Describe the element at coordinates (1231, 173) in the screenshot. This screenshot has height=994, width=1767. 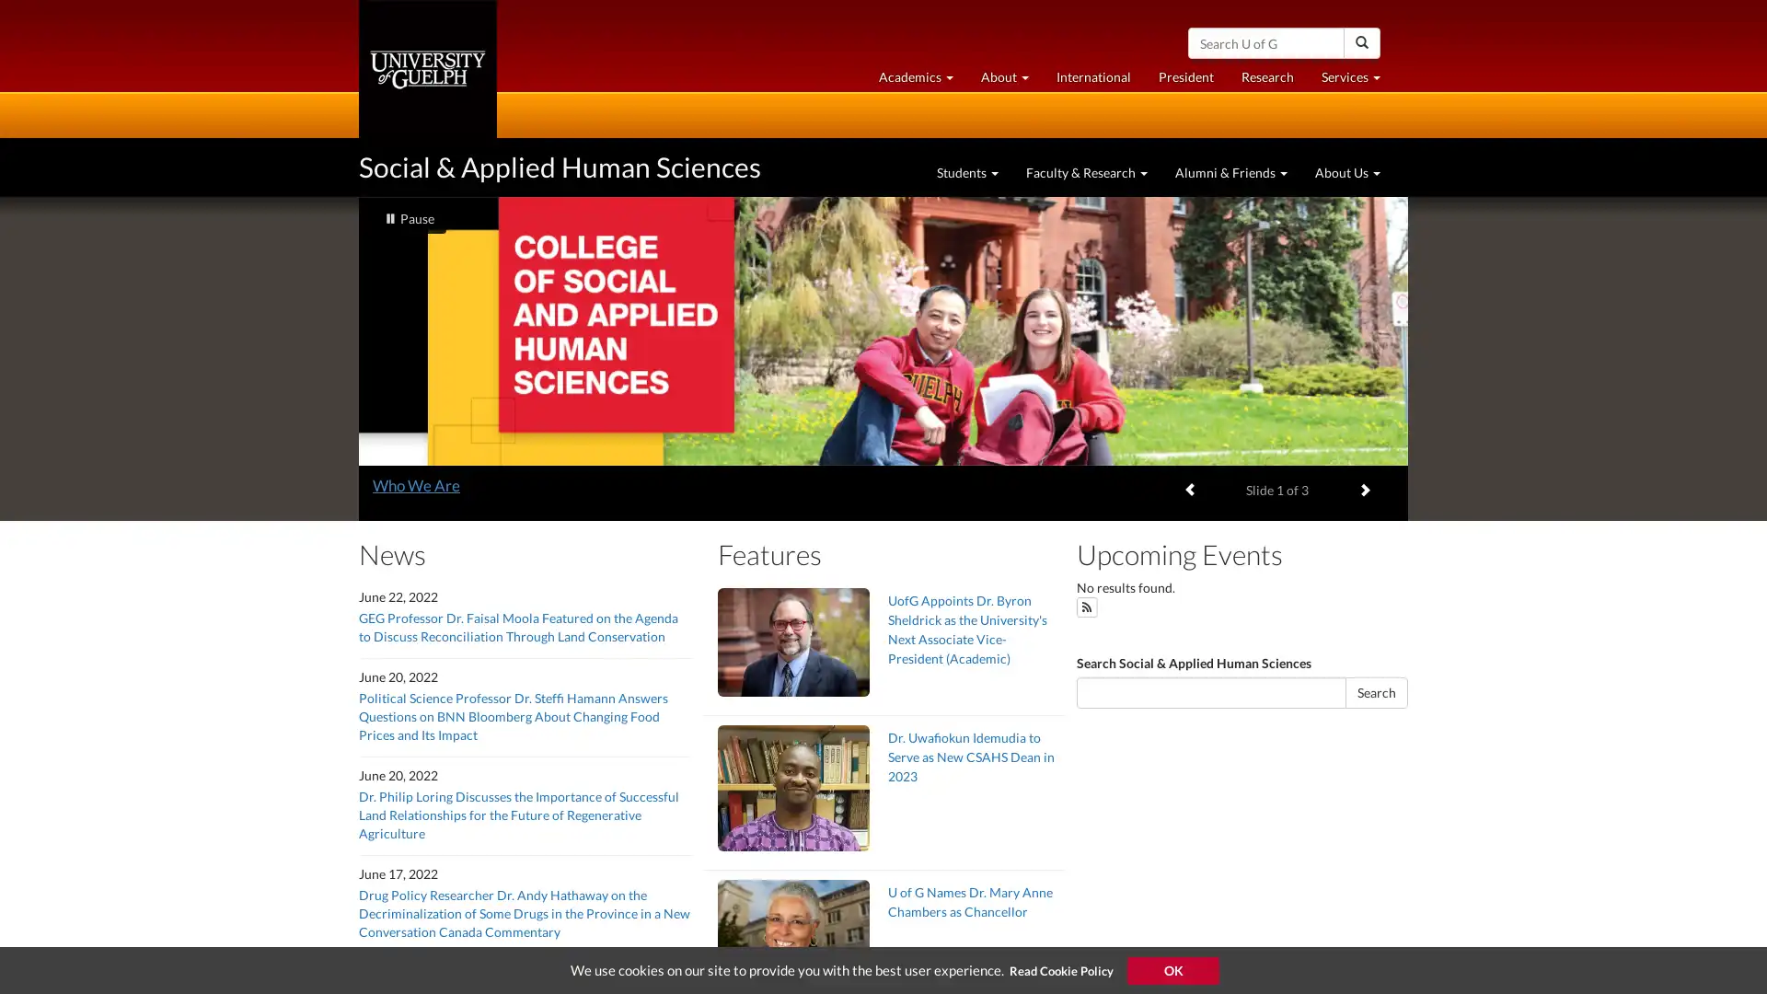
I see `Alumni & Friends` at that location.